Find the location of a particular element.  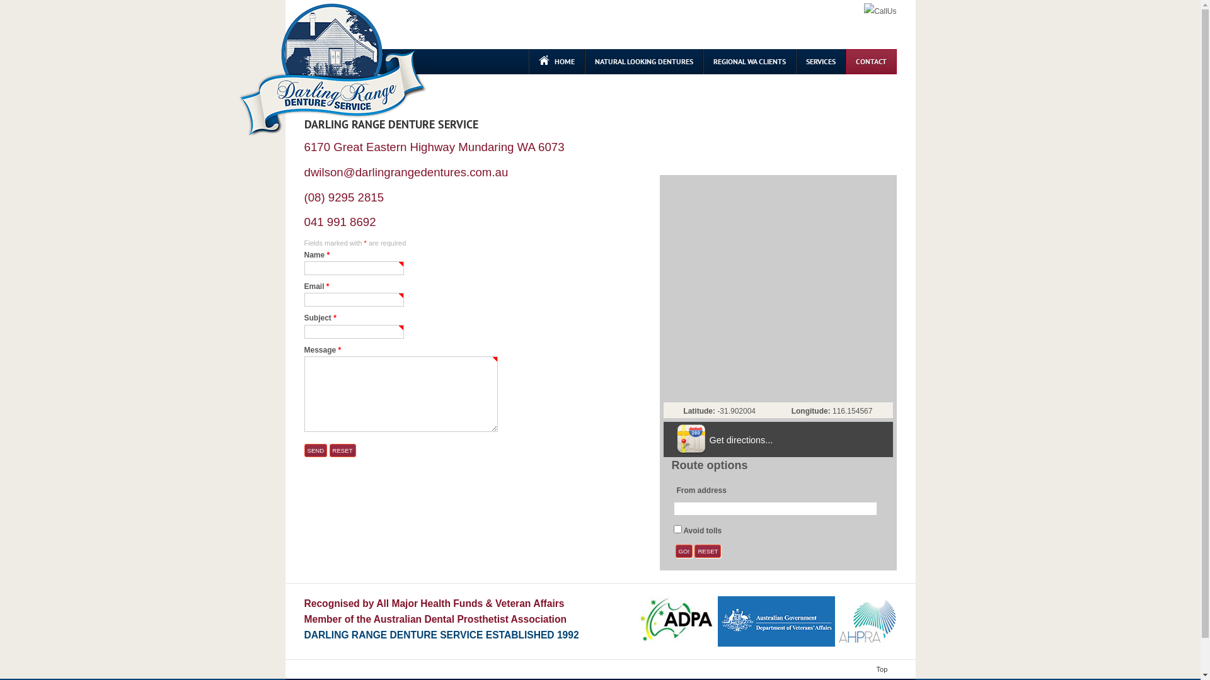

'GO!' is located at coordinates (683, 550).